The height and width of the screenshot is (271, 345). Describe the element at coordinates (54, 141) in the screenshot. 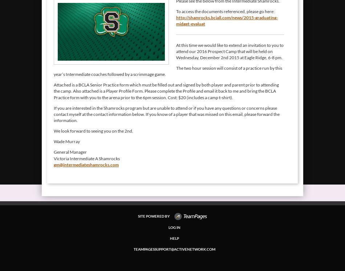

I see `'Wade Murray'` at that location.